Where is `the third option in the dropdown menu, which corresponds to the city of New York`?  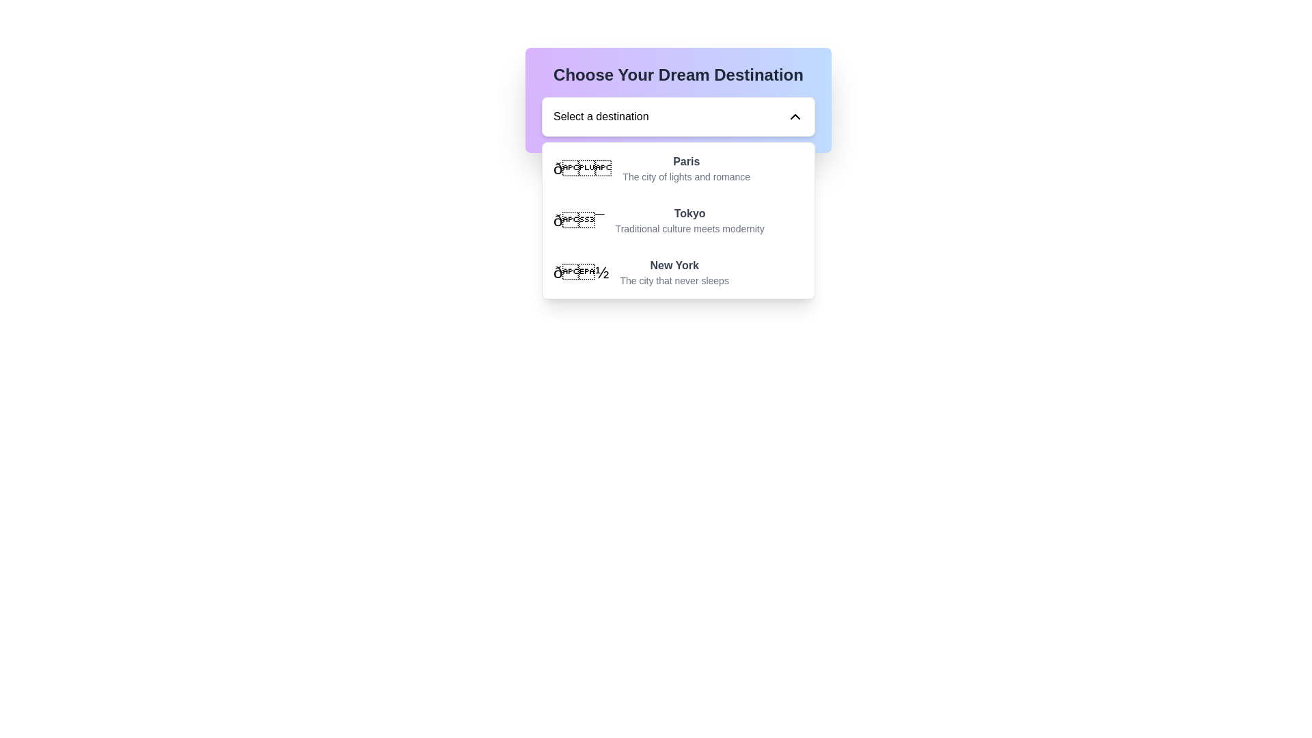
the third option in the dropdown menu, which corresponds to the city of New York is located at coordinates (679, 272).